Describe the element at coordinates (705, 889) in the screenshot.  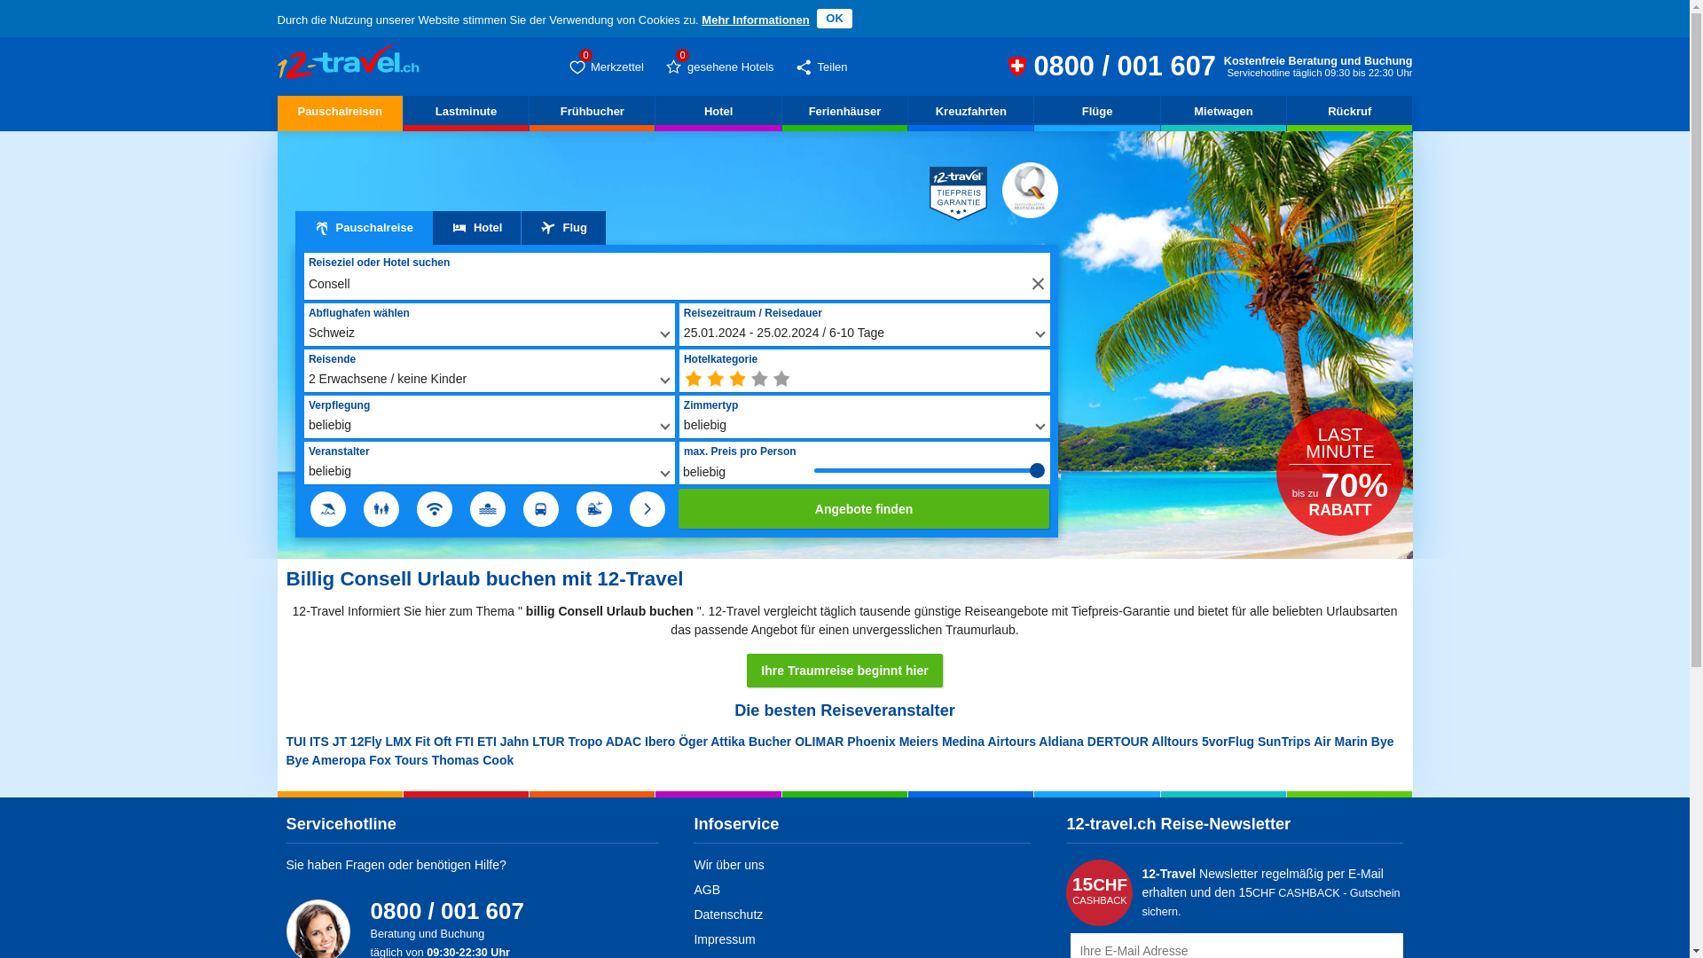
I see `'AGB'` at that location.